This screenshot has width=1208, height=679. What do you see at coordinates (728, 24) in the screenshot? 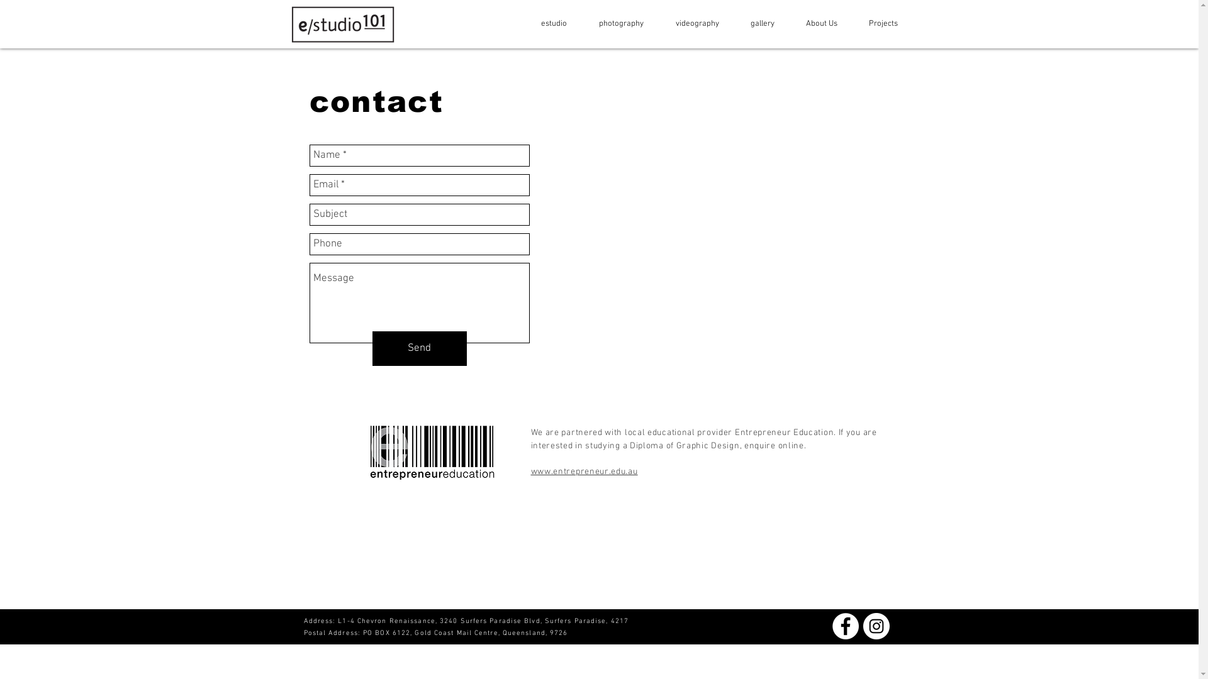
I see `'gallery'` at bounding box center [728, 24].